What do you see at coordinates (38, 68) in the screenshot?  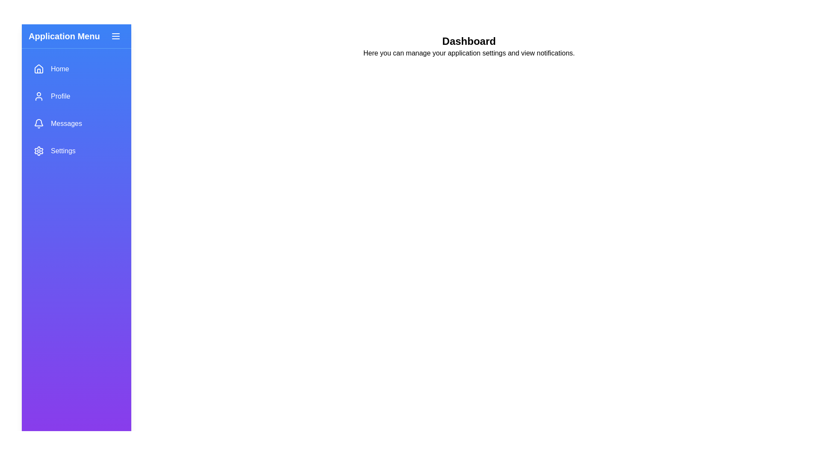 I see `the 'Home' icon in the sidebar menu, which visually represents a house and is the first icon in the navigation menu` at bounding box center [38, 68].